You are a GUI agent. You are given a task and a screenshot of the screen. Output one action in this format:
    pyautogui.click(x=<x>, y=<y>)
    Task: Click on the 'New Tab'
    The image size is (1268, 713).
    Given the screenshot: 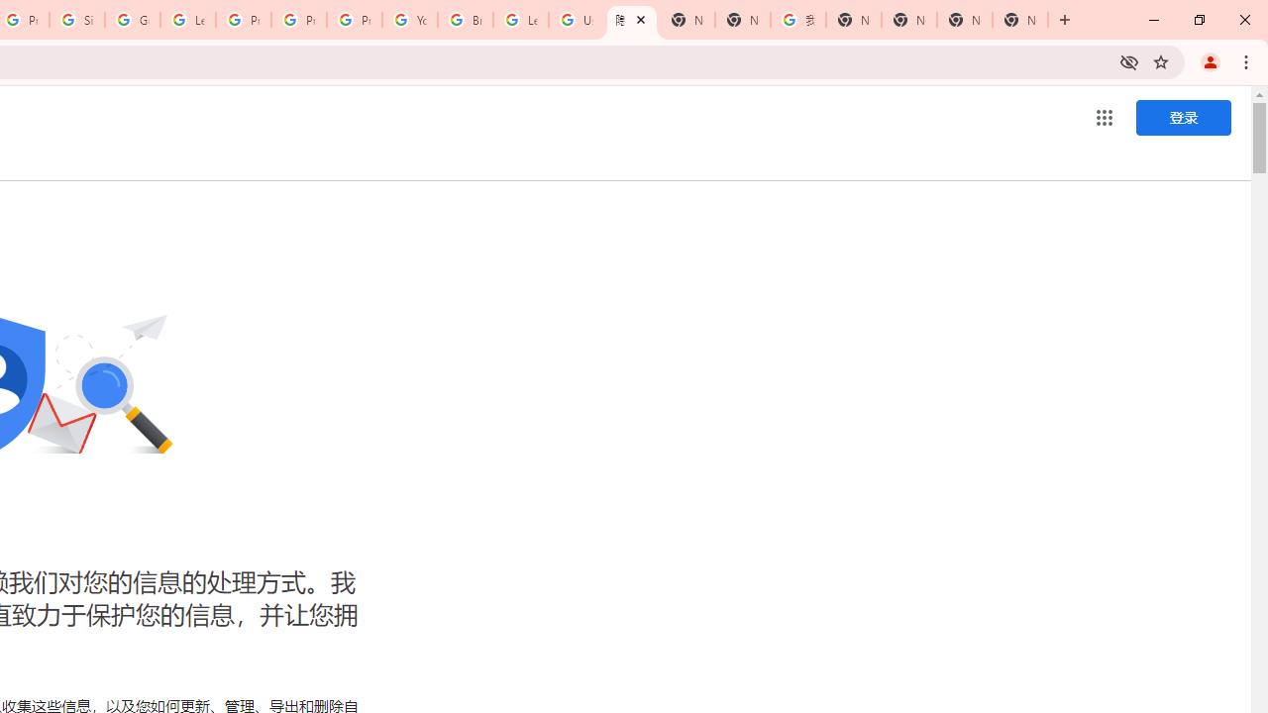 What is the action you would take?
    pyautogui.click(x=1020, y=20)
    